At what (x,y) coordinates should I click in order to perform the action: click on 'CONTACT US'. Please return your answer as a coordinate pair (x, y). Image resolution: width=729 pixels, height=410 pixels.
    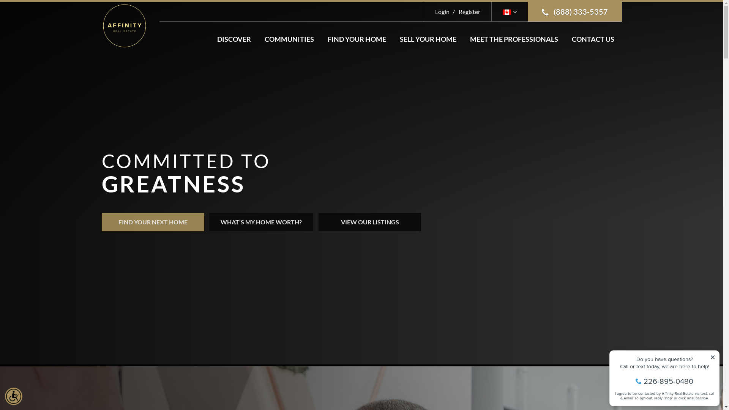
    Looking at the image, I should click on (592, 39).